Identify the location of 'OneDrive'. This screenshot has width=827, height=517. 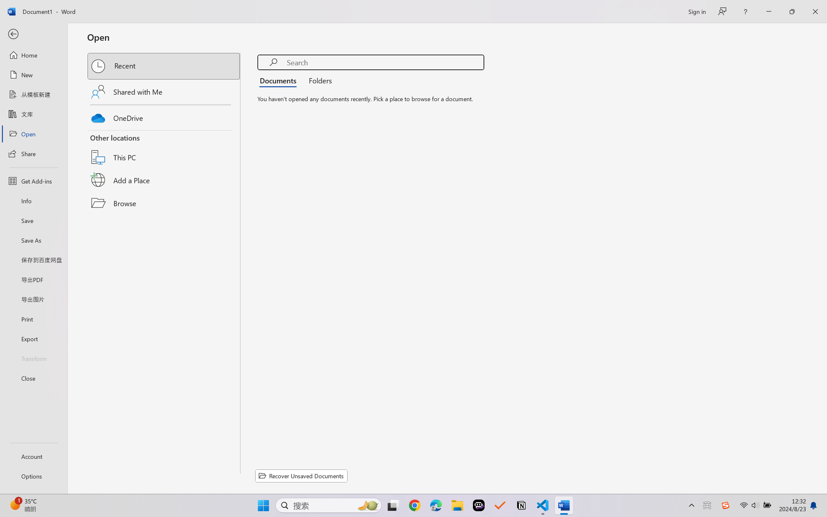
(164, 116).